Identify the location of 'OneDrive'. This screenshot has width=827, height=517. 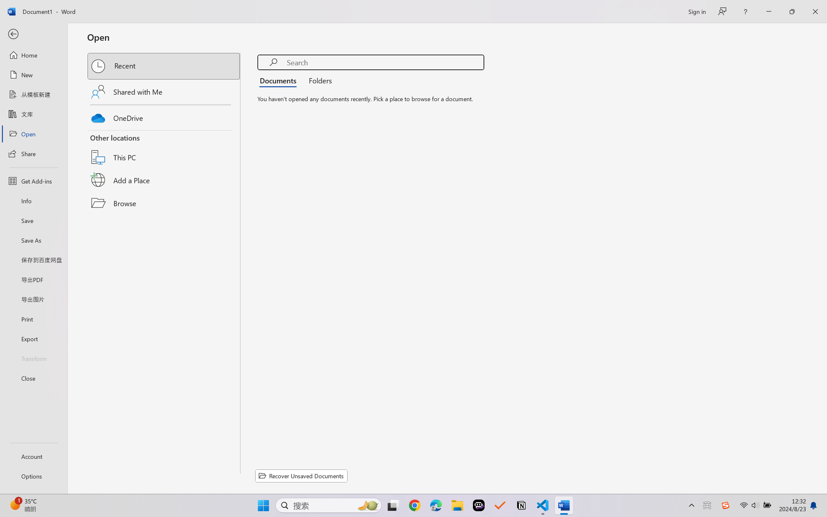
(164, 116).